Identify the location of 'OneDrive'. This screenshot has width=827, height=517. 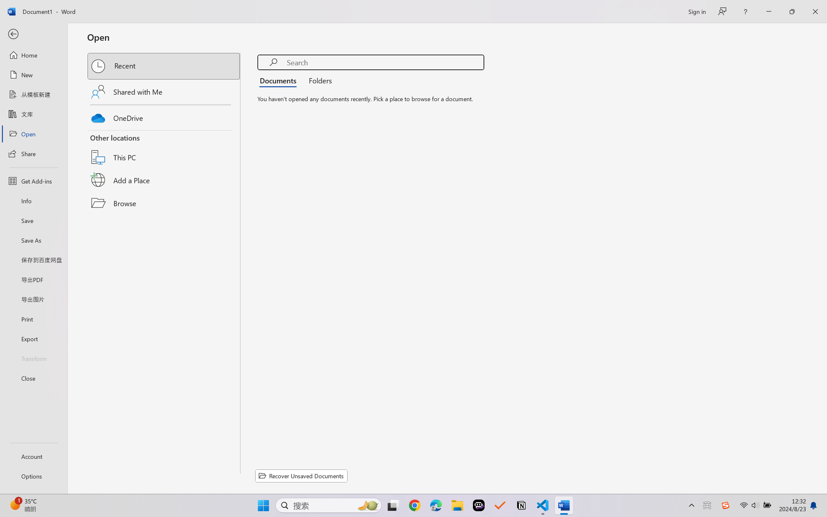
(164, 116).